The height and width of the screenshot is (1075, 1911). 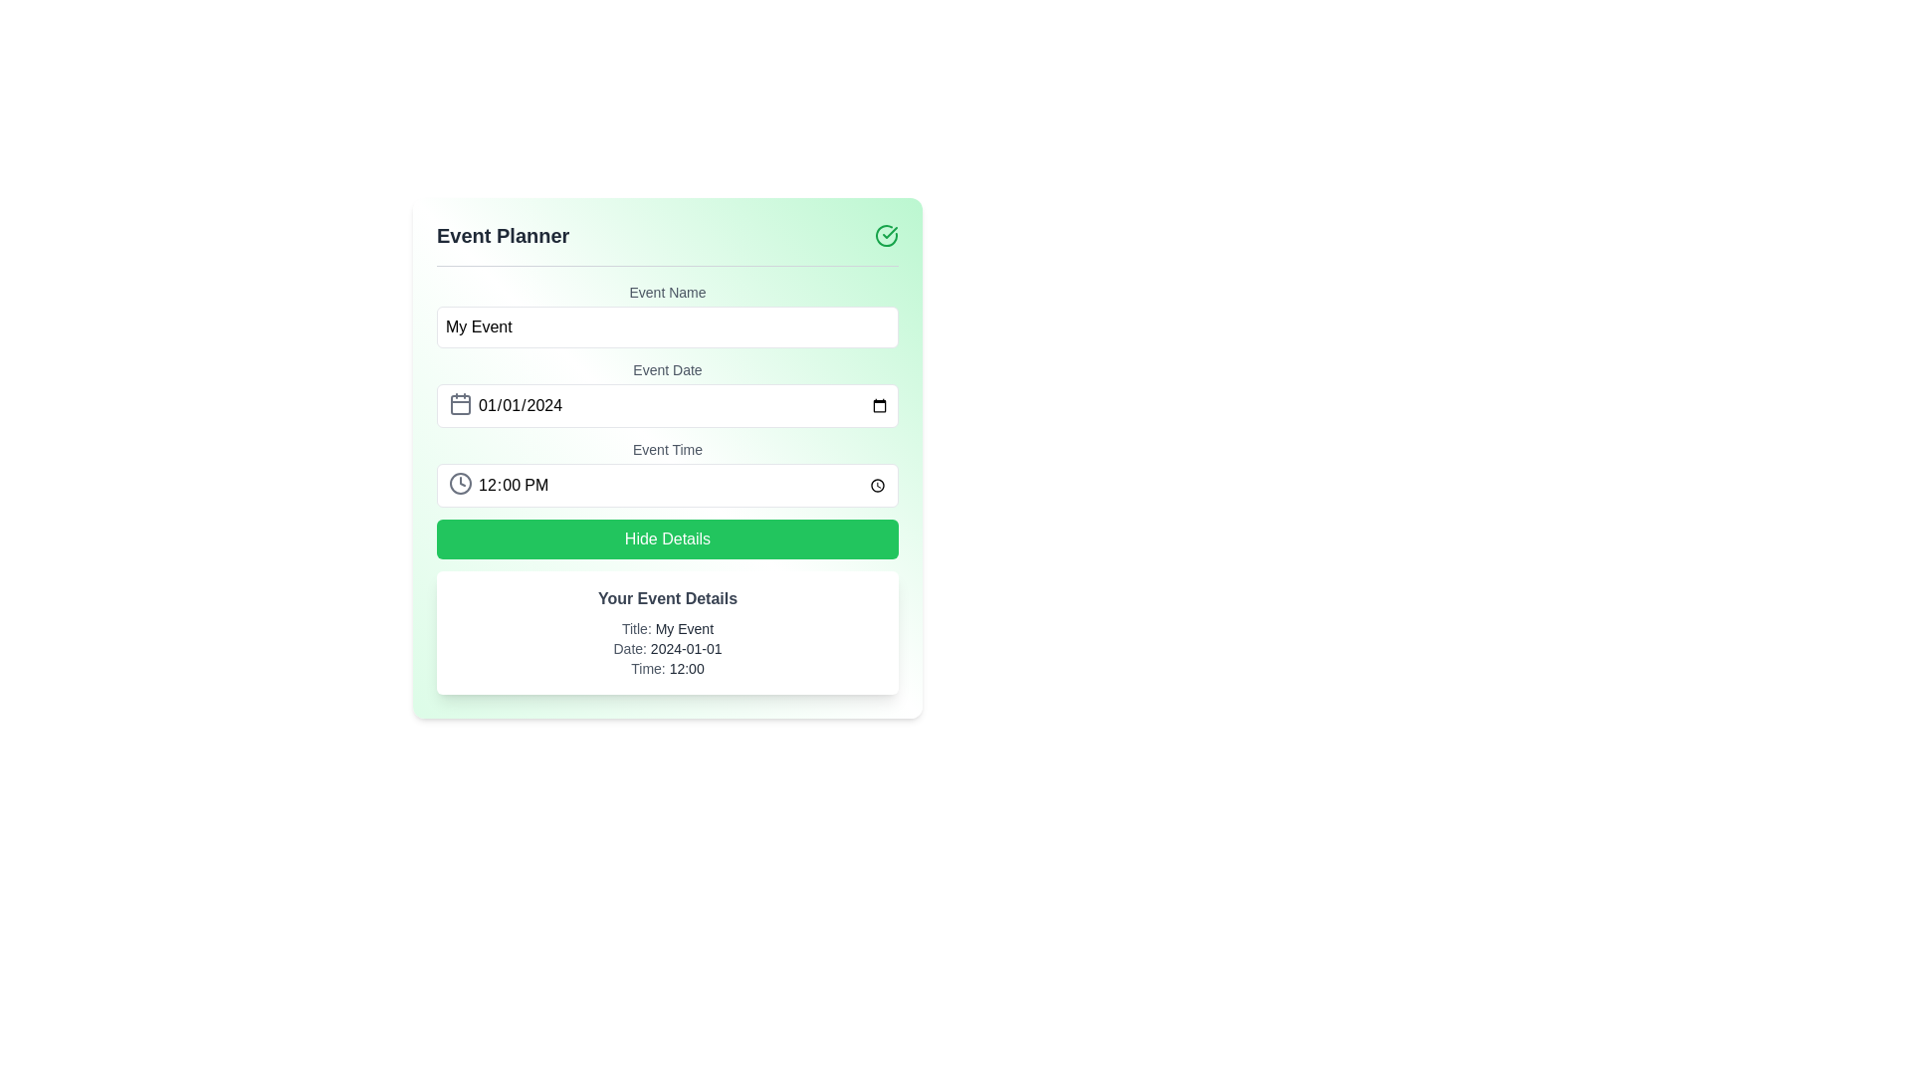 I want to click on the static text label that displays the event date, located below 'Title: My Event' and above 'Time: 12:00' within the 'Your Event Details' box, so click(x=668, y=648).